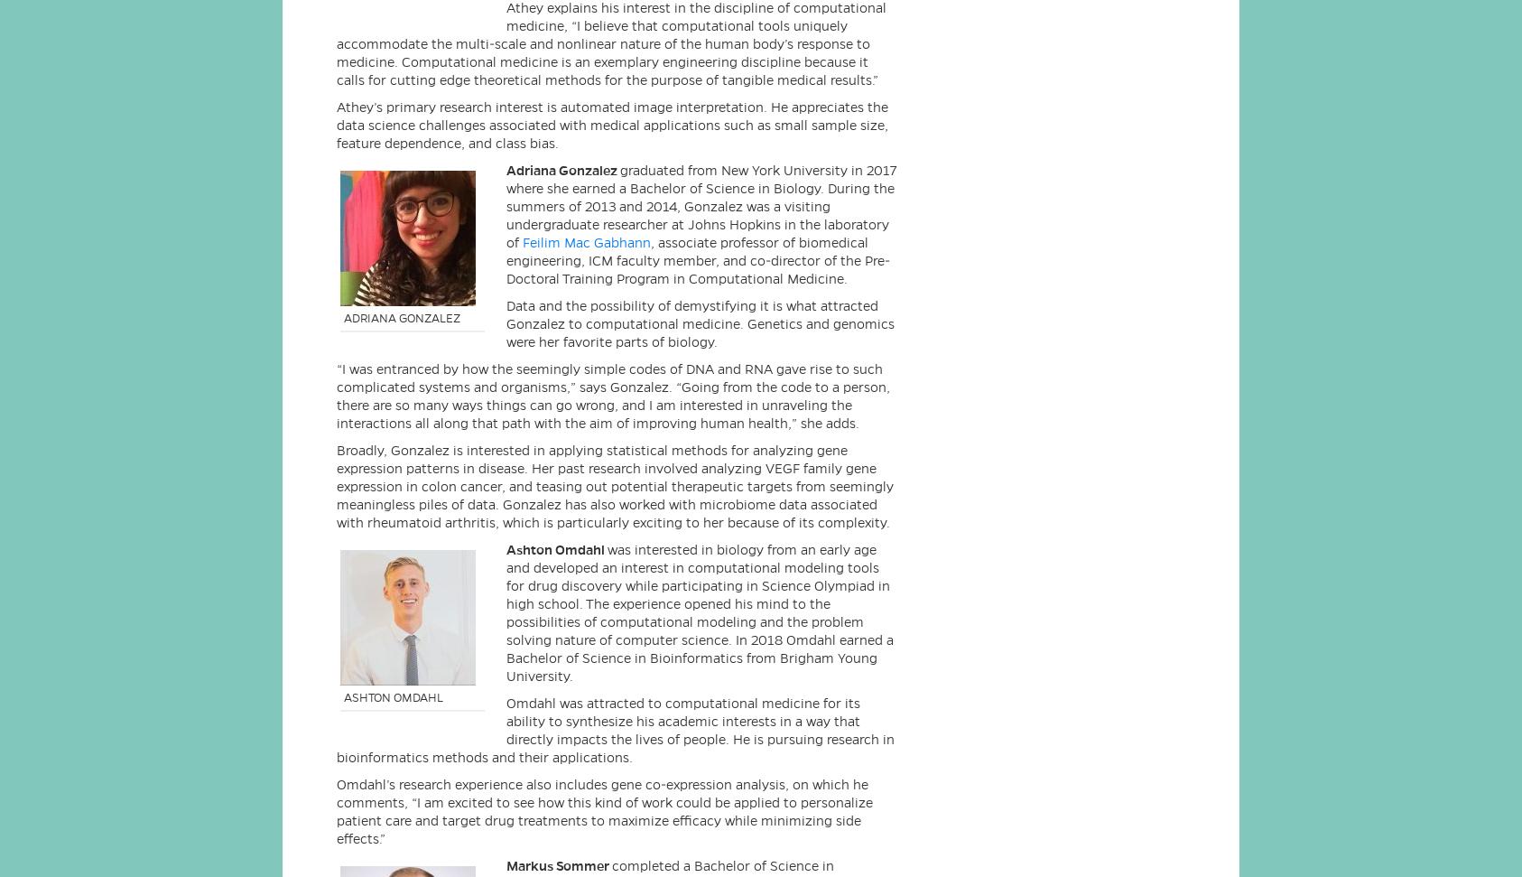  What do you see at coordinates (614, 485) in the screenshot?
I see `'Broadly, Gonzalez is interested in applying statistical methods for analyzing gene expression patterns in disease. Her past research involved analyzing VEGF family gene expression in colon cancer, and teasing out potential therapeutic targets from seemingly meaningless piles of data. Gonzalez has also worked with microbiome data associated with rheumatoid arthritis, which is particularly exciting to her because of its complexity.'` at bounding box center [614, 485].